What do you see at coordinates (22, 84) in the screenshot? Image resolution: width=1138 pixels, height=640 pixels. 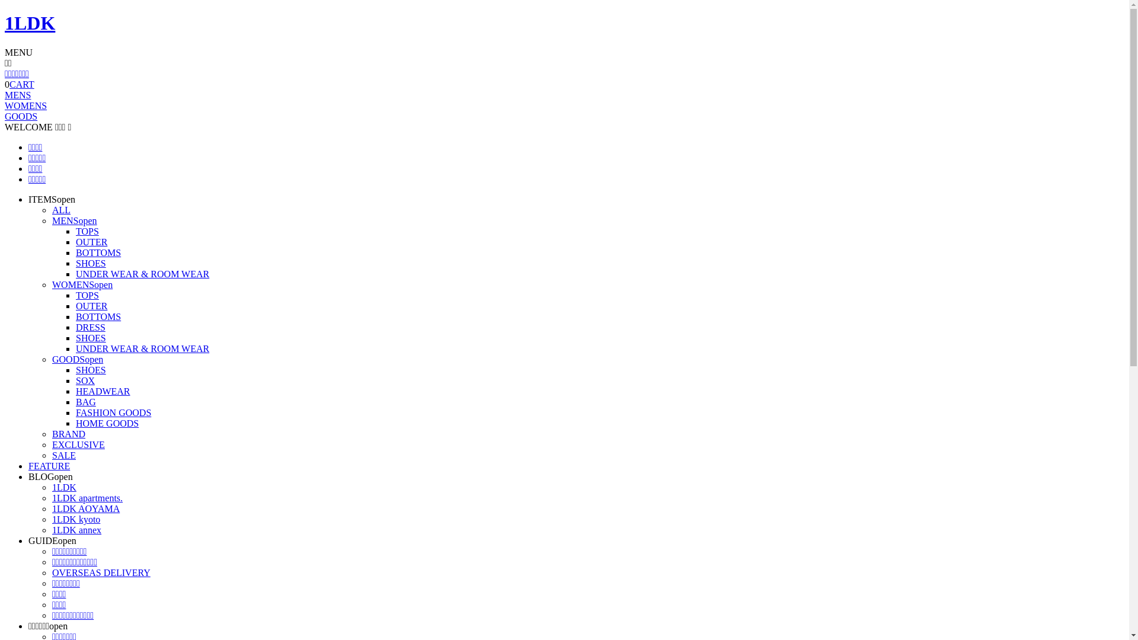 I see `'CART'` at bounding box center [22, 84].